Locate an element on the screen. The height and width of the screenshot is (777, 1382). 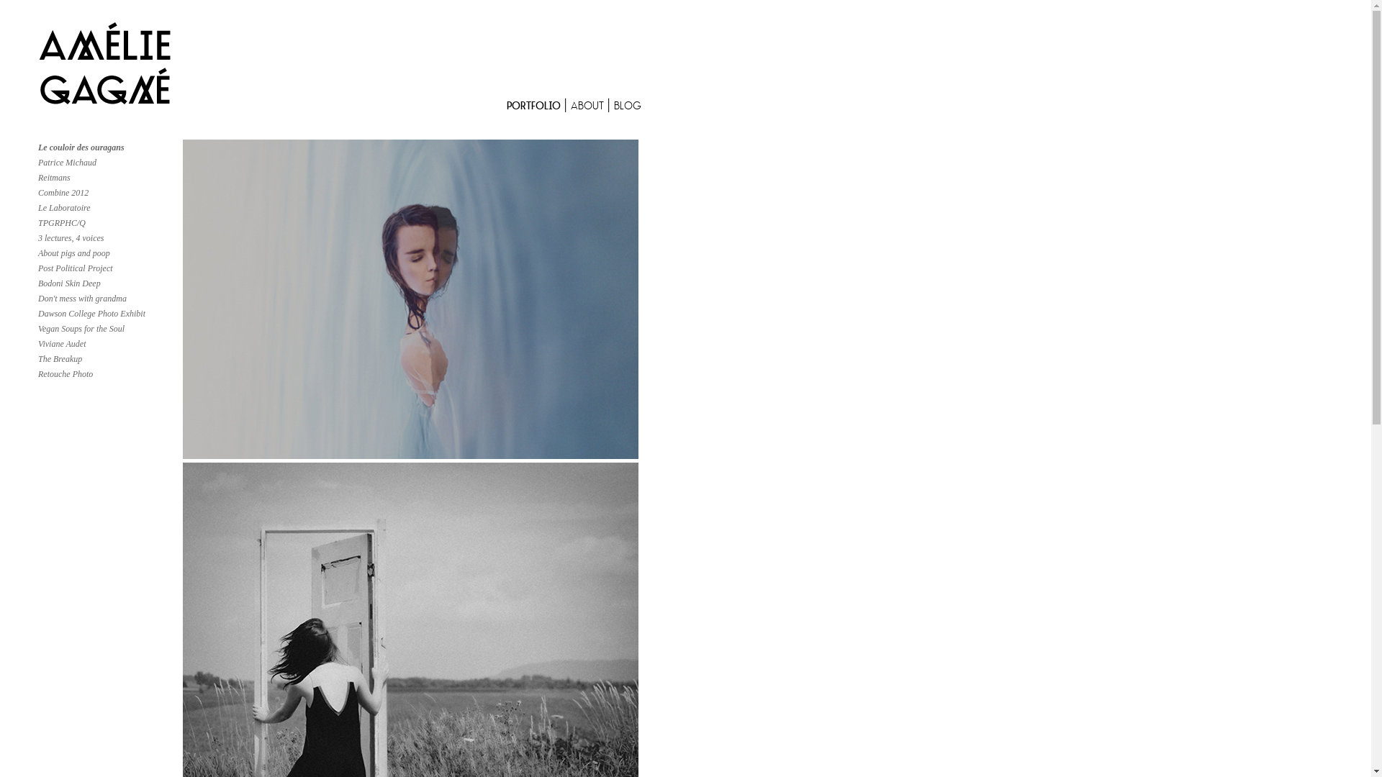
'Post Political Project' is located at coordinates (75, 268).